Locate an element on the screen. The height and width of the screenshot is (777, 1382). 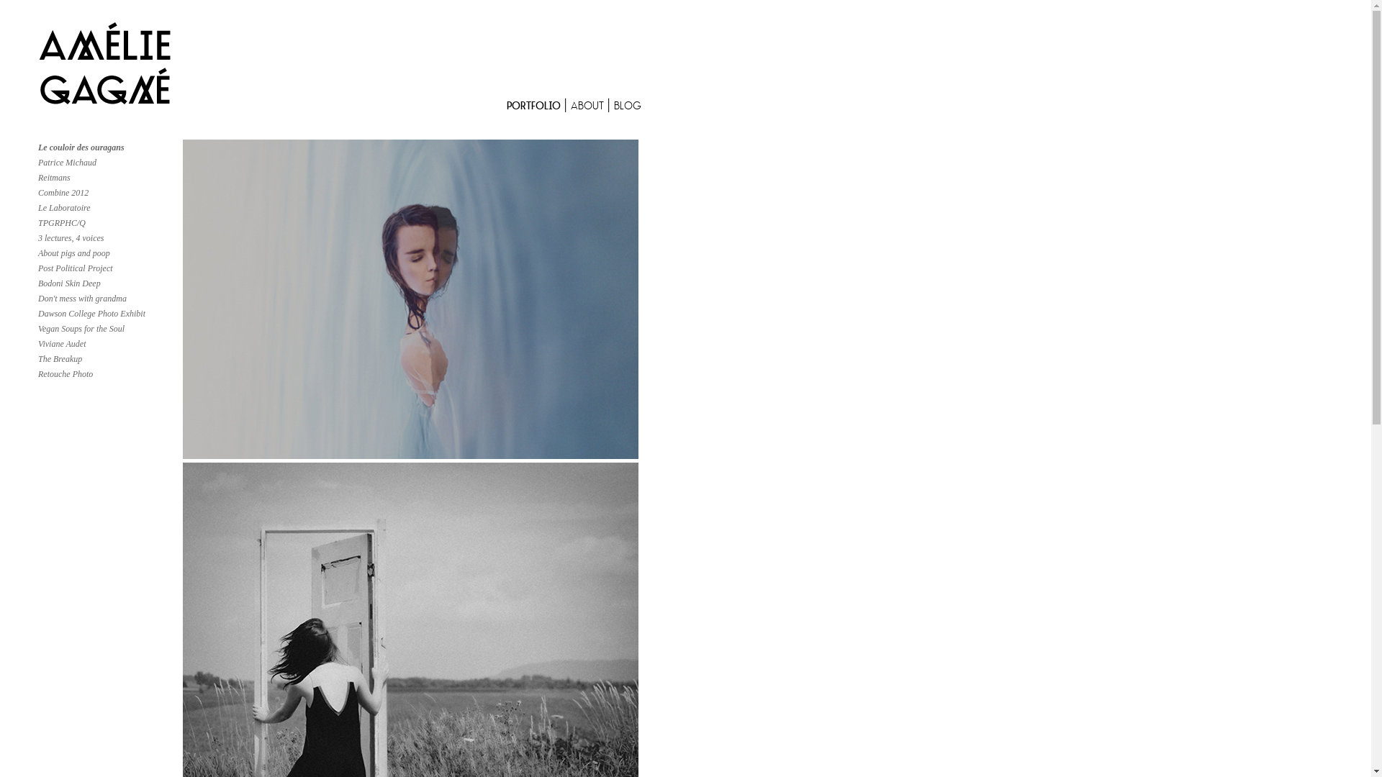
'Post Political Project' is located at coordinates (75, 268).